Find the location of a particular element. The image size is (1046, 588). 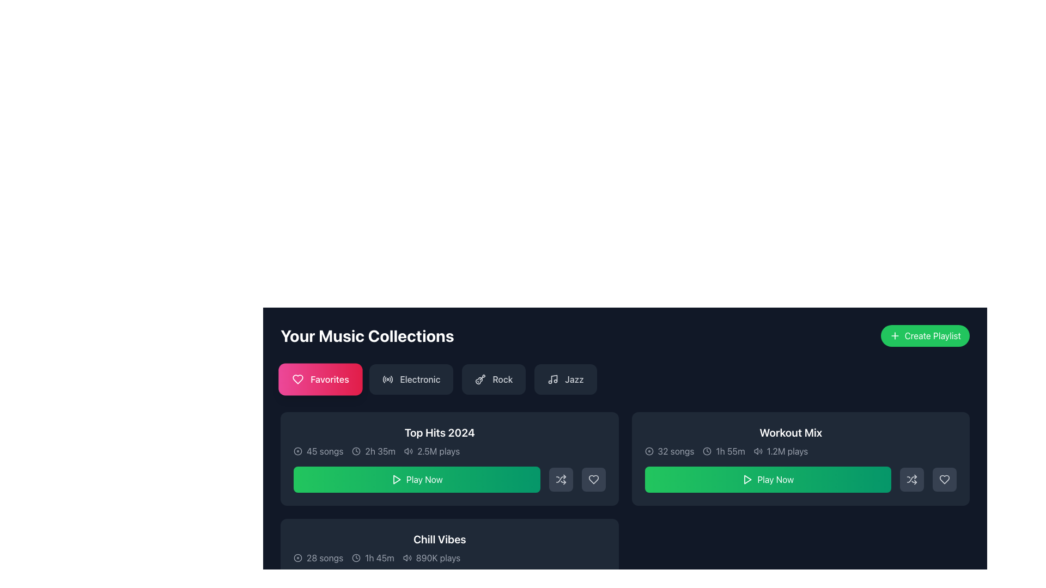

the music-related icon located in the 'Jazz' section, positioned towards the left side adjacent to the text label is located at coordinates (553, 379).